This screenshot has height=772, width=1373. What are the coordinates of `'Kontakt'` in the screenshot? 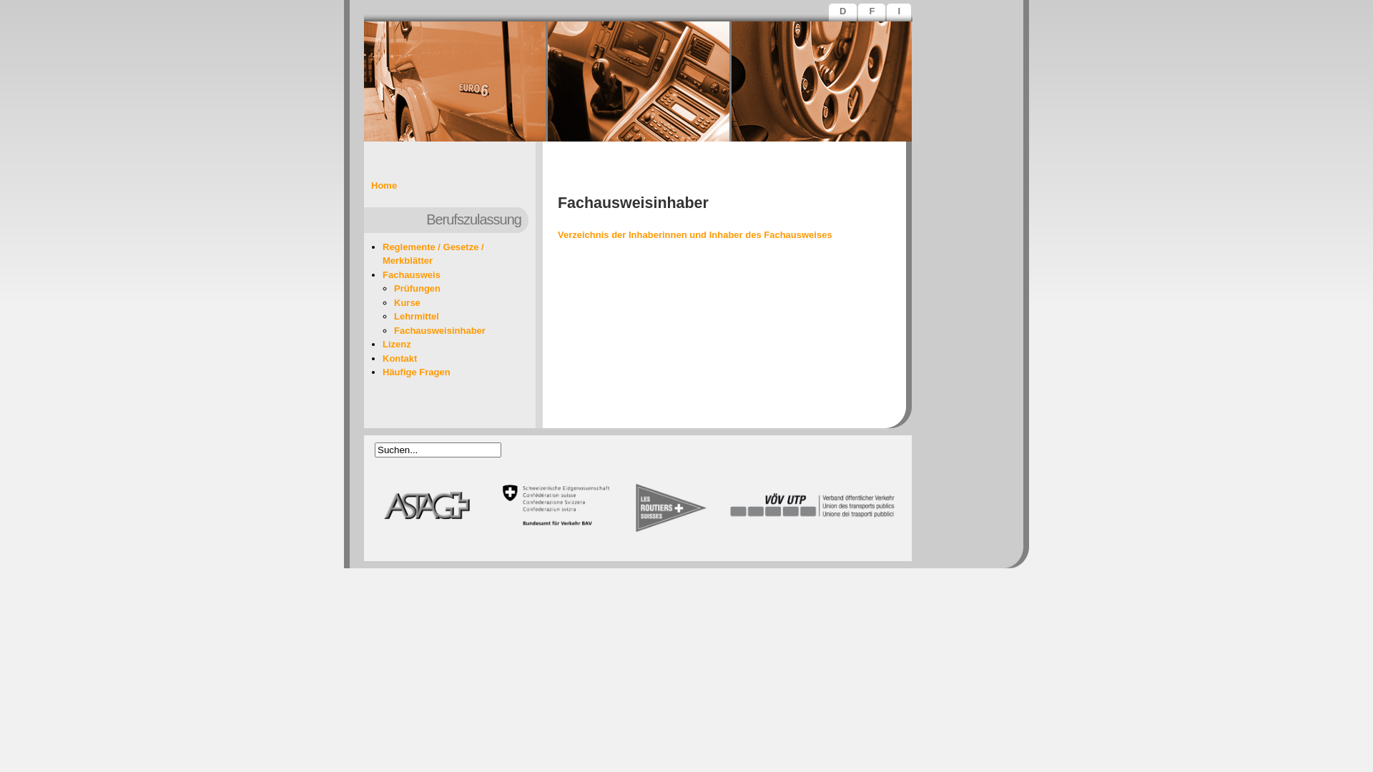 It's located at (399, 357).